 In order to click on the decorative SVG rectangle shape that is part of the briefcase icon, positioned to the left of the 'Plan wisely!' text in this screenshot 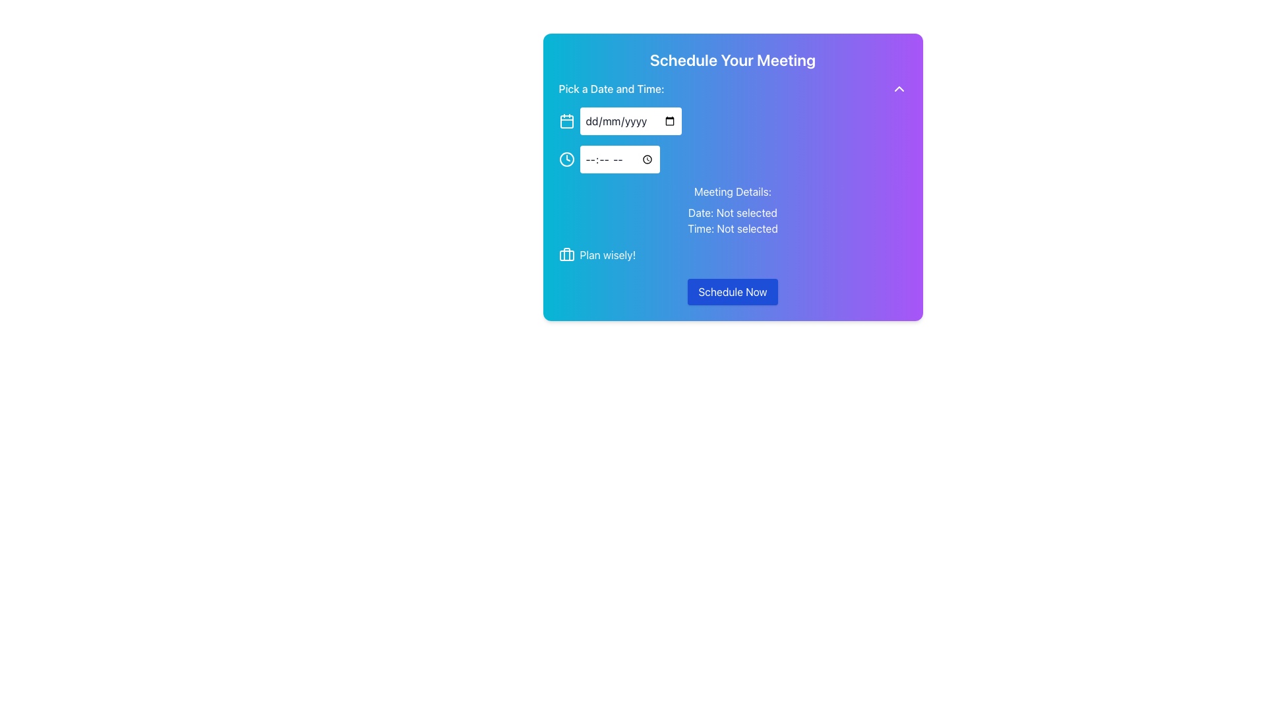, I will do `click(566, 256)`.